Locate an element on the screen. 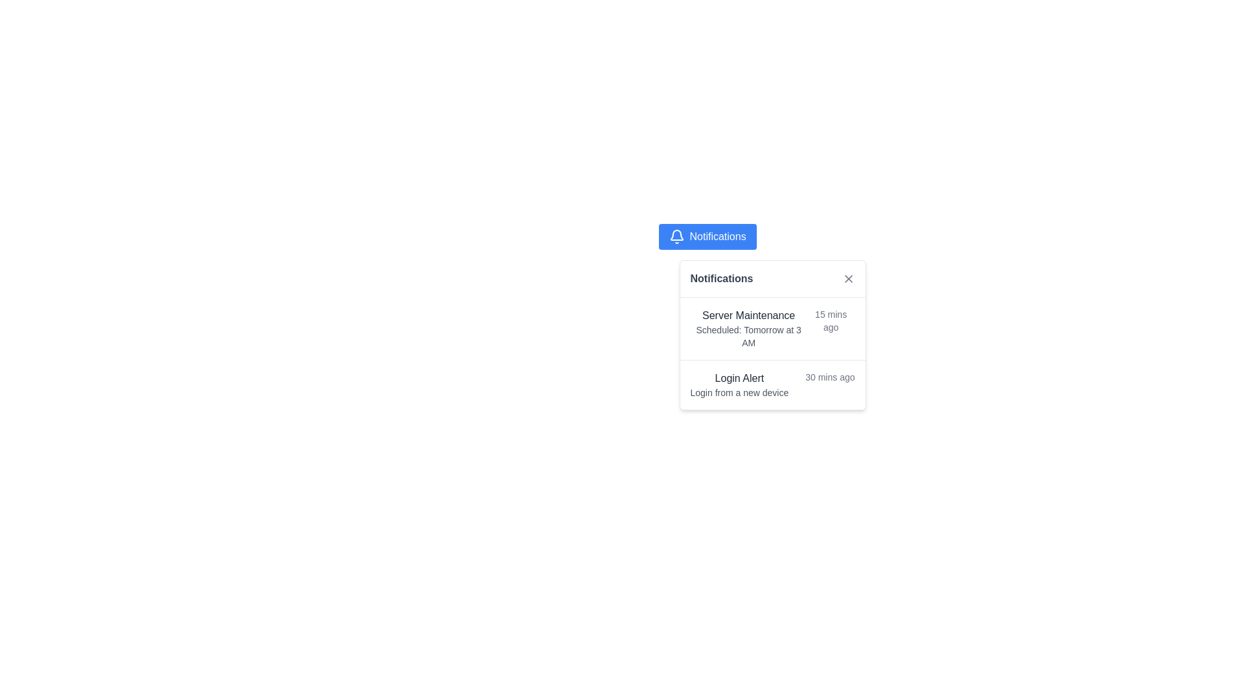 The image size is (1244, 699). the text label stating 'Scheduled: Tomorrow at 3 AM' located below 'Server Maintenance' in the notification card is located at coordinates (748, 336).